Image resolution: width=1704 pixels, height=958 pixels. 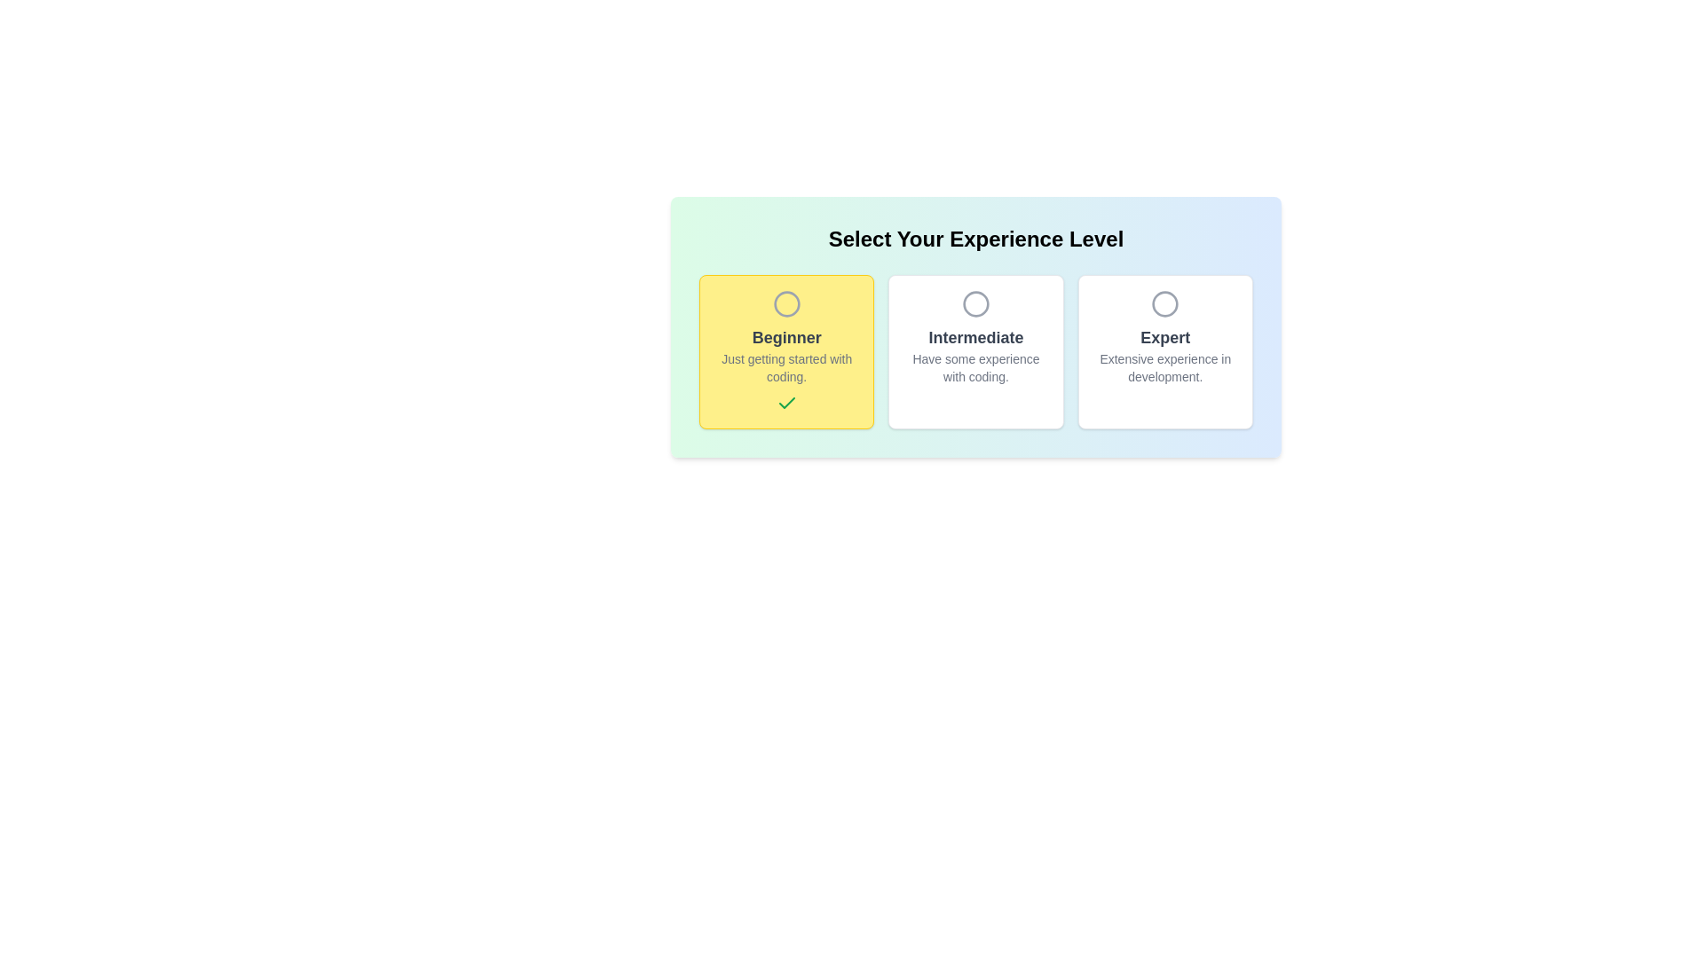 I want to click on the text label stating 'Extensive experience in development.' which is positioned under the 'Expert' label in the card-like layout for experience levels, so click(x=1165, y=367).